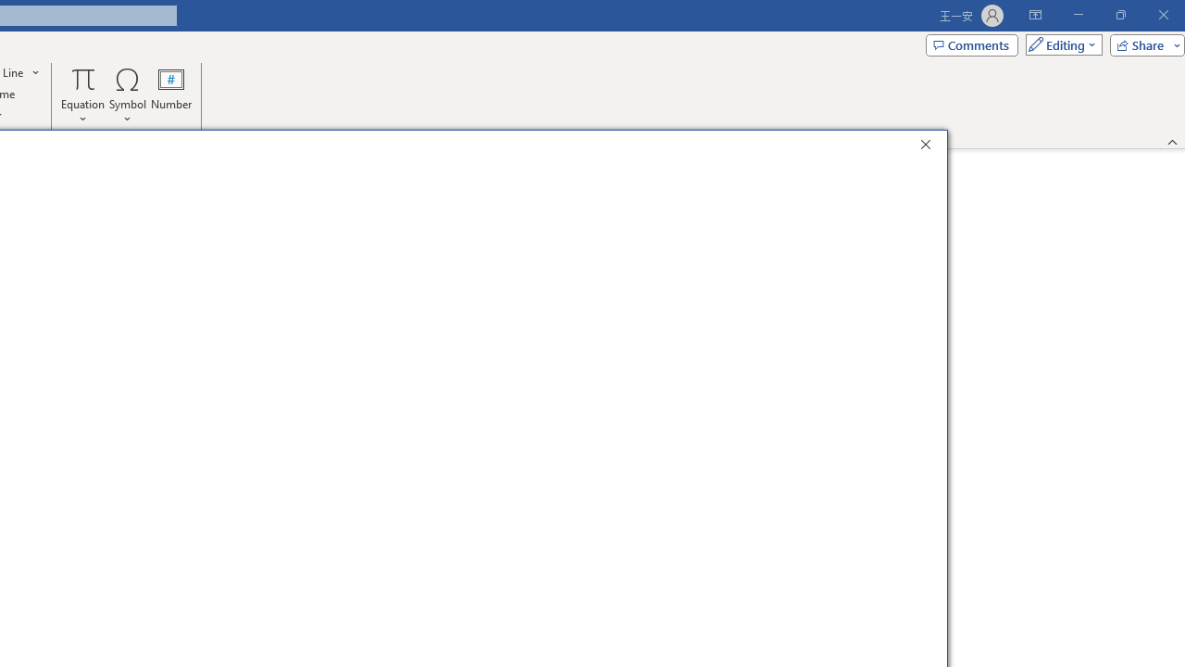 Image resolution: width=1185 pixels, height=667 pixels. What do you see at coordinates (82, 78) in the screenshot?
I see `'Equation'` at bounding box center [82, 78].